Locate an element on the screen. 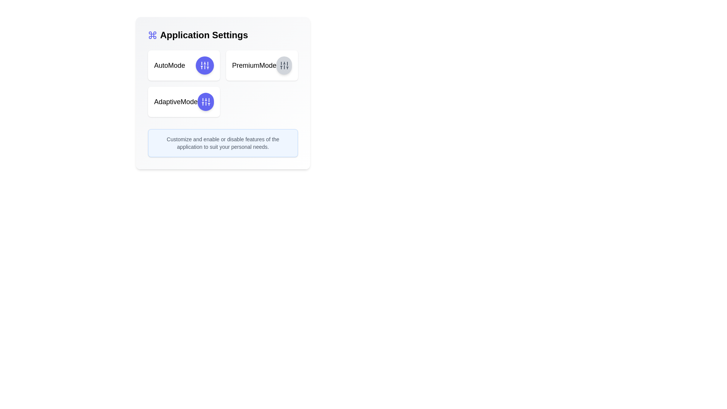 This screenshot has width=727, height=409. the circular button with a blue background and white vertical sliders icon located in the 'autoMode' section, which is the first button in the grid, to observe the hover animation is located at coordinates (205, 65).